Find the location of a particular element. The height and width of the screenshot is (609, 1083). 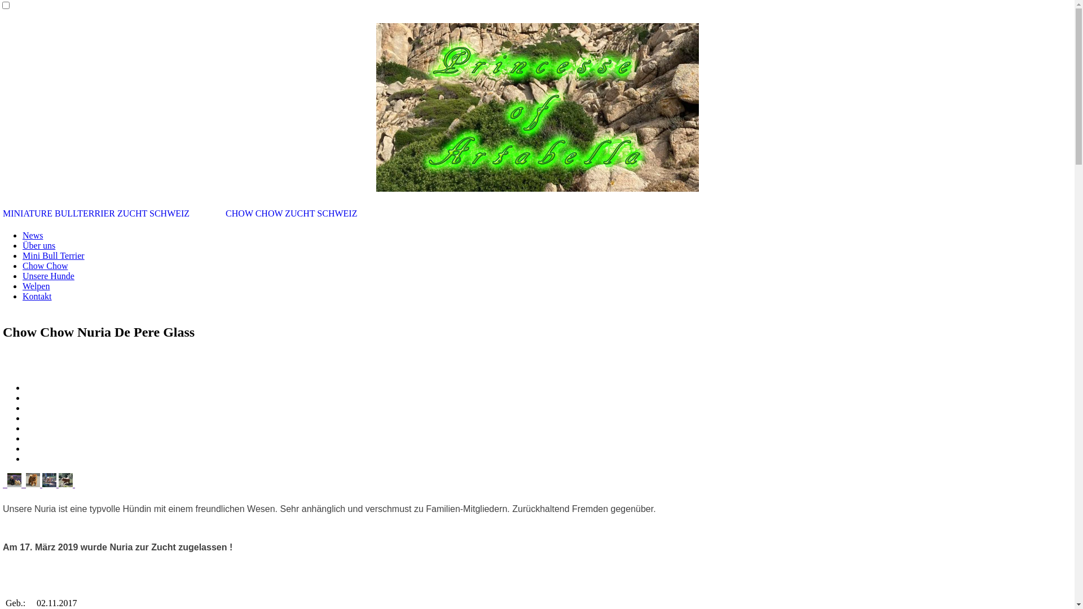

'Welpen' is located at coordinates (22, 285).